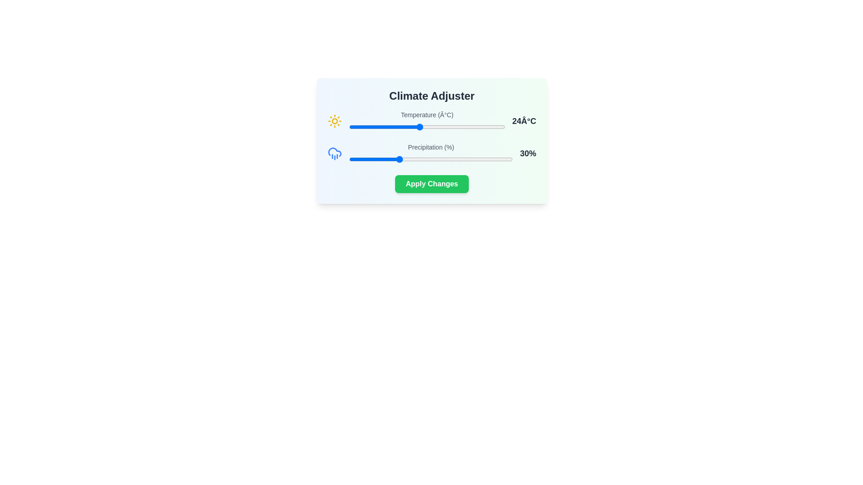  What do you see at coordinates (419, 127) in the screenshot?
I see `the temperature slider to 24°C` at bounding box center [419, 127].